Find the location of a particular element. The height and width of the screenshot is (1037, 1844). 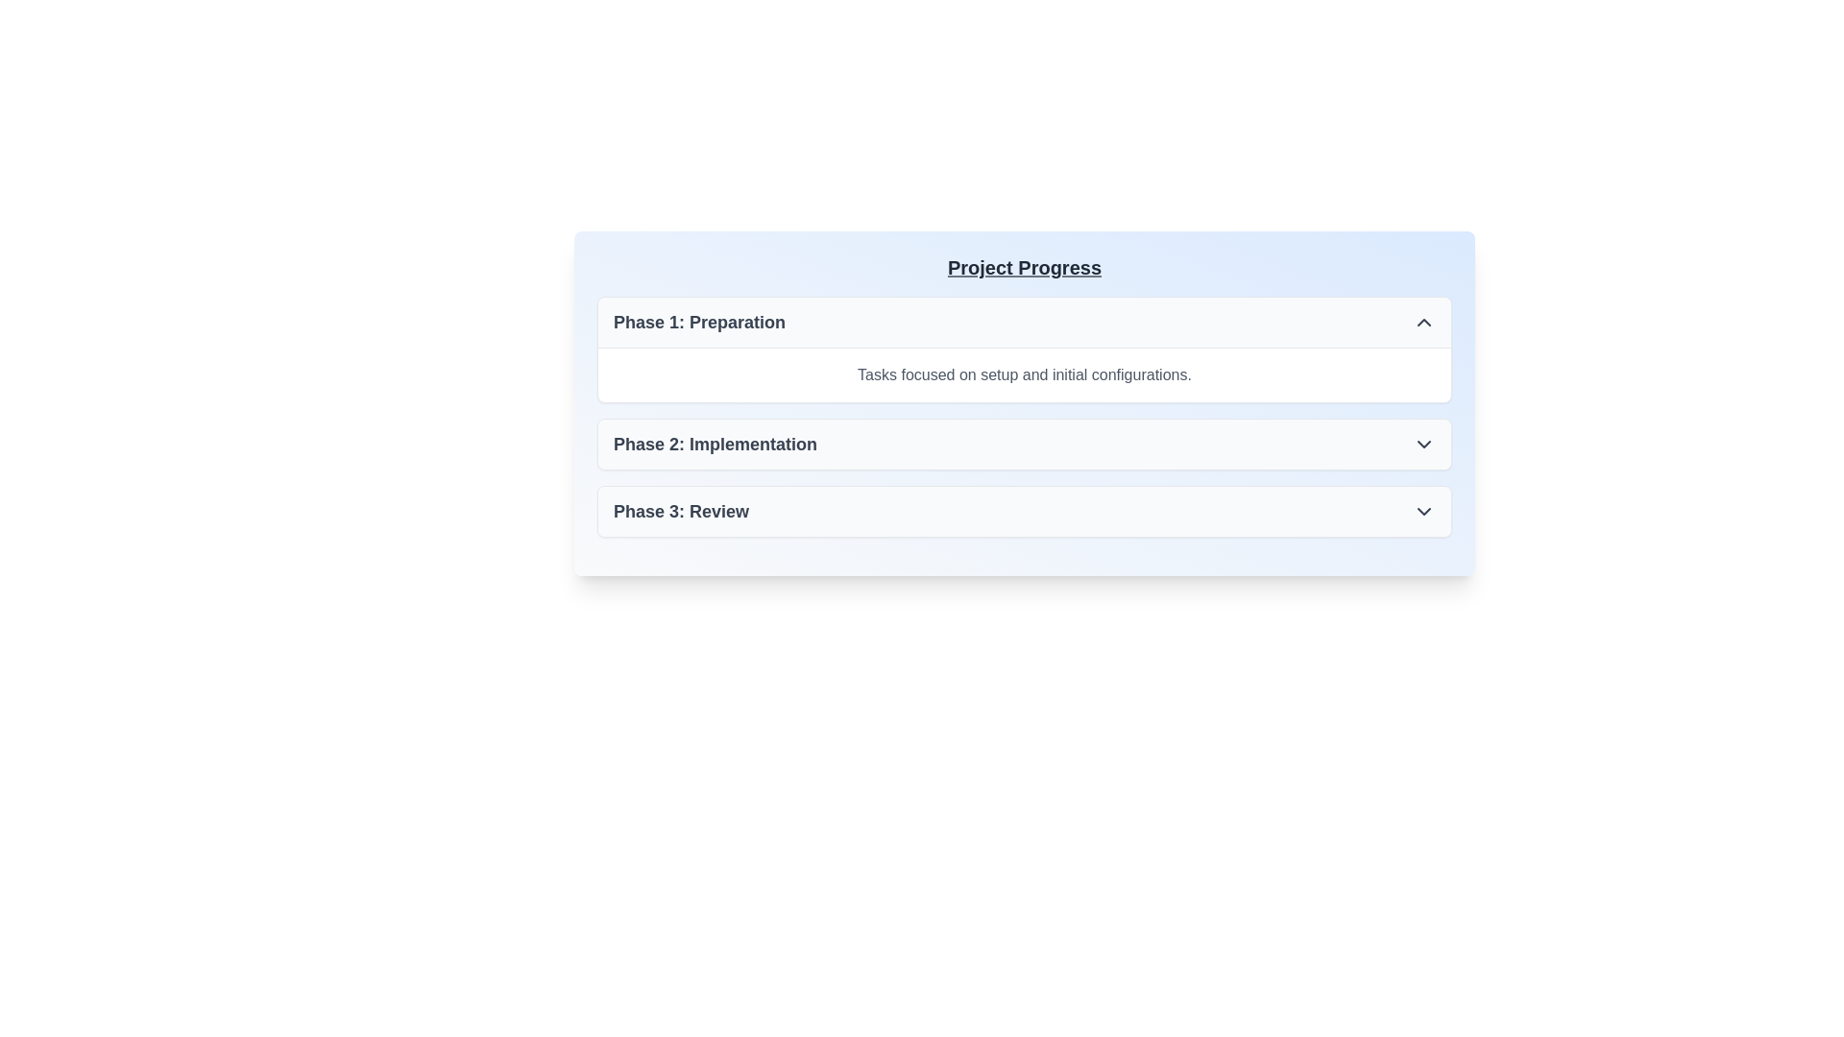

the downward-pointing chevron icon located at the far right edge of the 'Phase 3: Review' section is located at coordinates (1424, 510).